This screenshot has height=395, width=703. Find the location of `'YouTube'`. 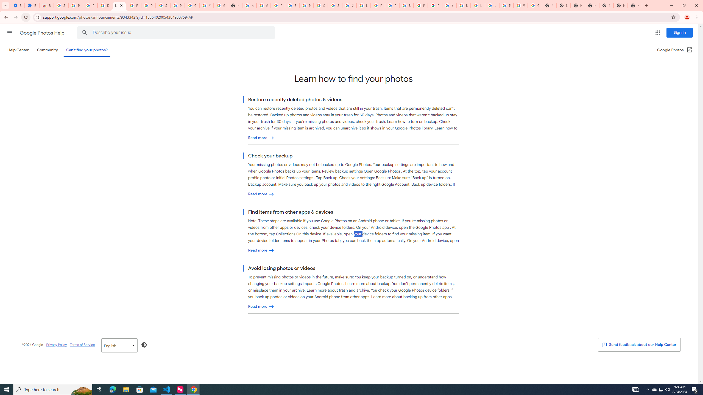

'YouTube' is located at coordinates (449, 5).